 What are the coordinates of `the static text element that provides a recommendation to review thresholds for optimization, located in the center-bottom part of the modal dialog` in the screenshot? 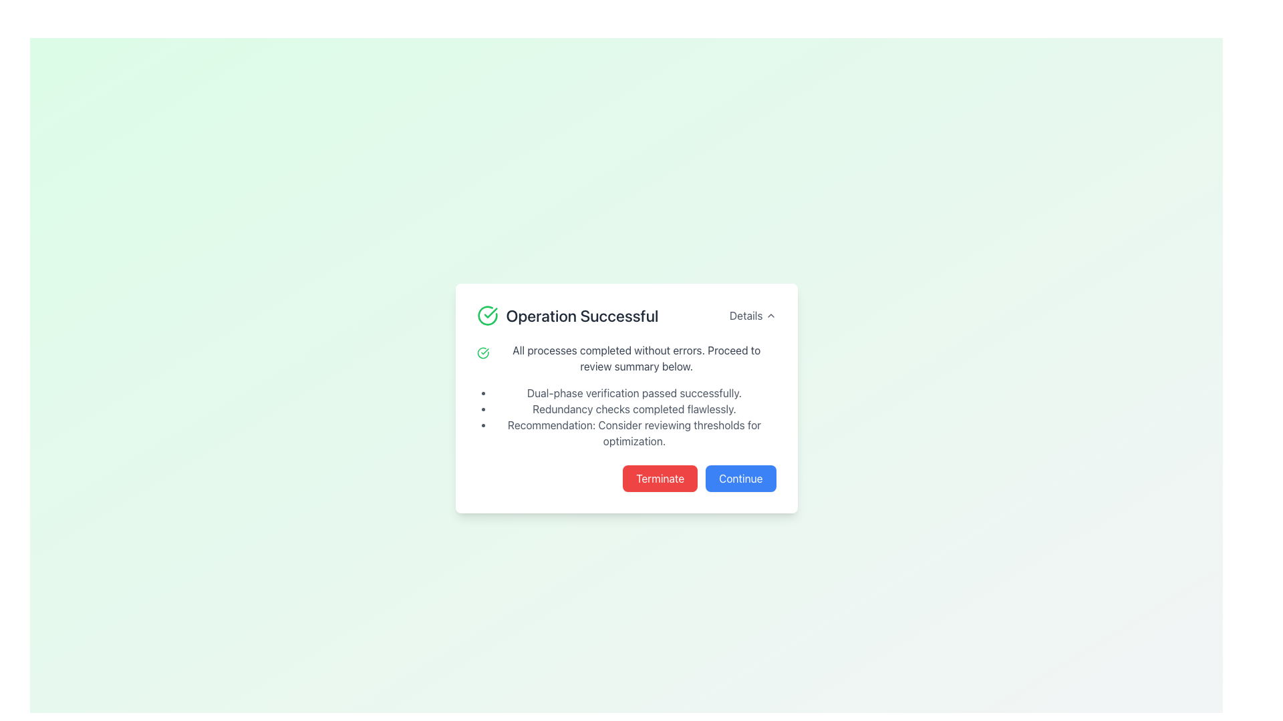 It's located at (633, 433).